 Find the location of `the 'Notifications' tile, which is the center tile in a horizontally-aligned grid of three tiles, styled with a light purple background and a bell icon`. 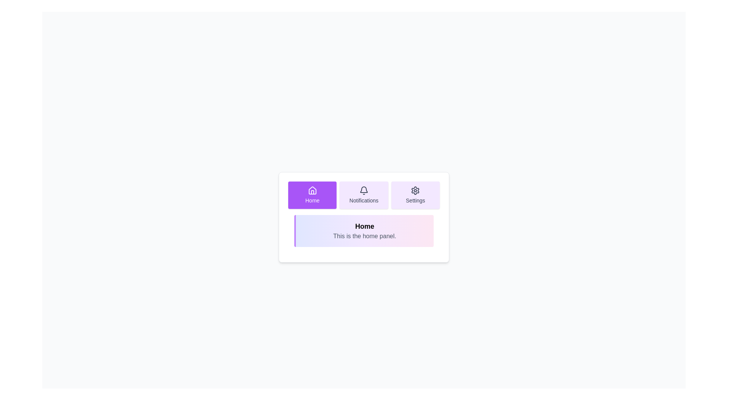

the 'Notifications' tile, which is the center tile in a horizontally-aligned grid of three tiles, styled with a light purple background and a bell icon is located at coordinates (363, 195).